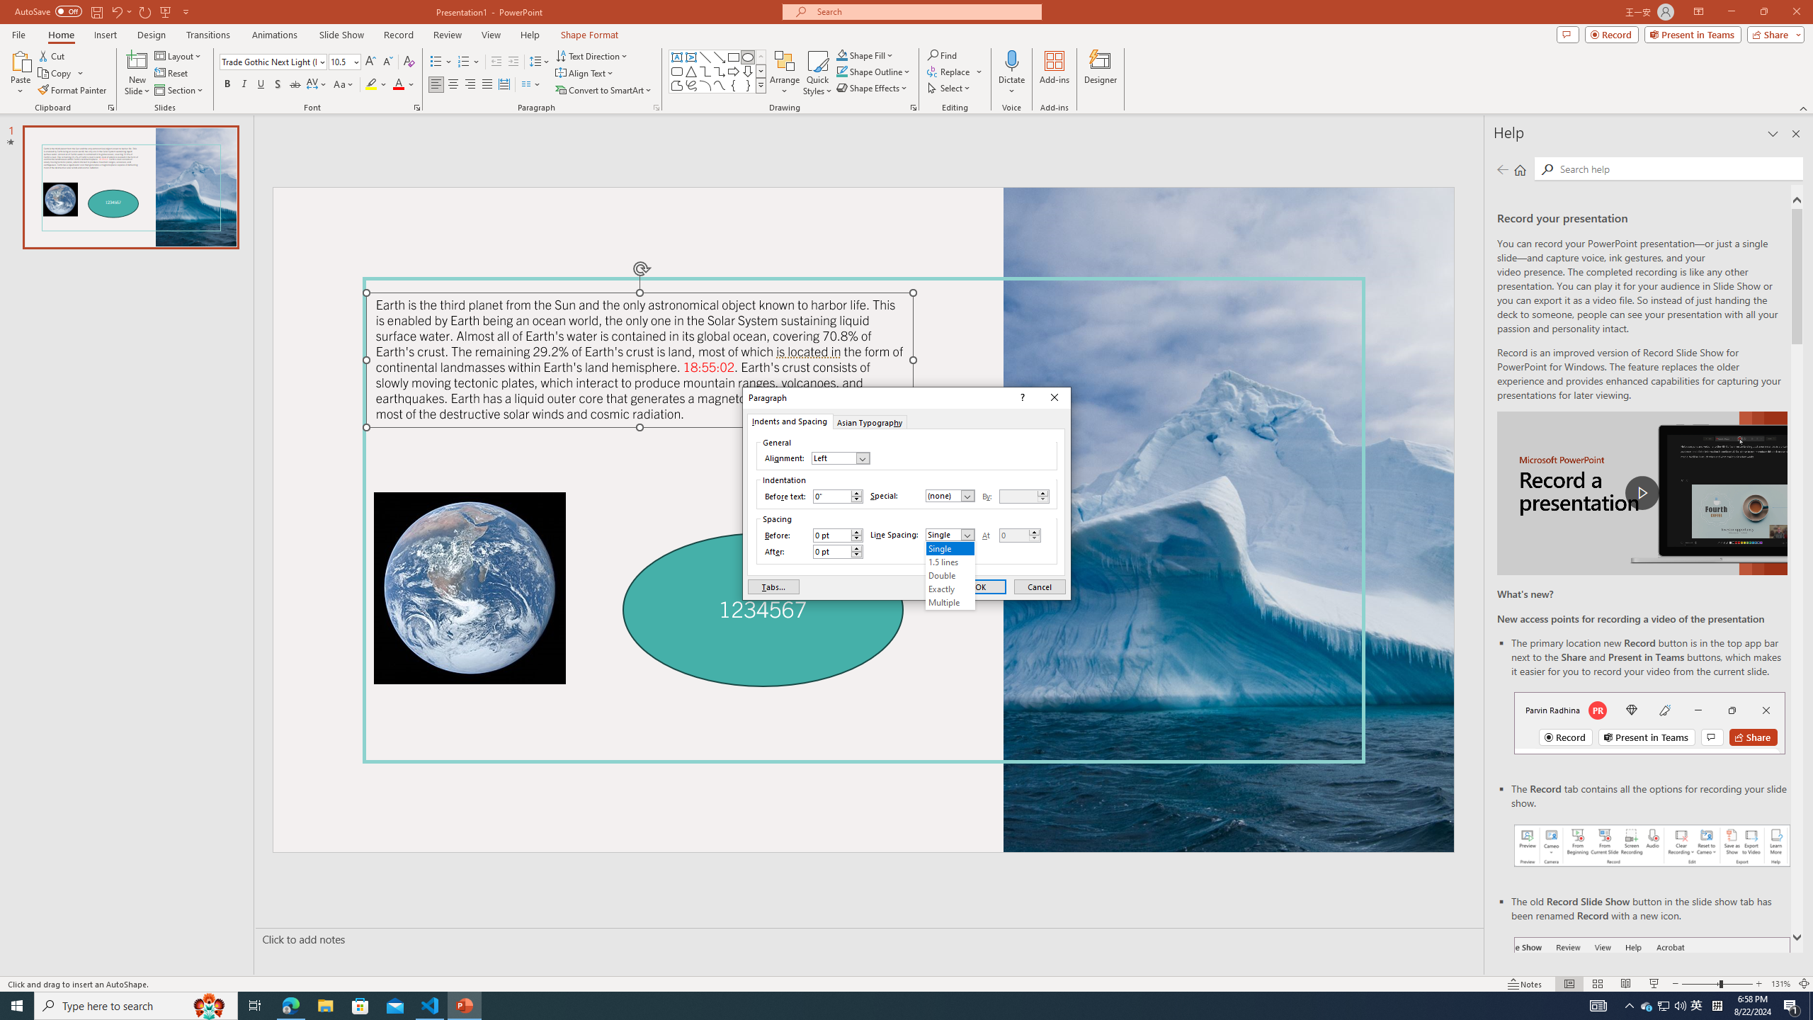 The image size is (1813, 1020). I want to click on 'Record your presentations screenshot one', so click(1652, 844).